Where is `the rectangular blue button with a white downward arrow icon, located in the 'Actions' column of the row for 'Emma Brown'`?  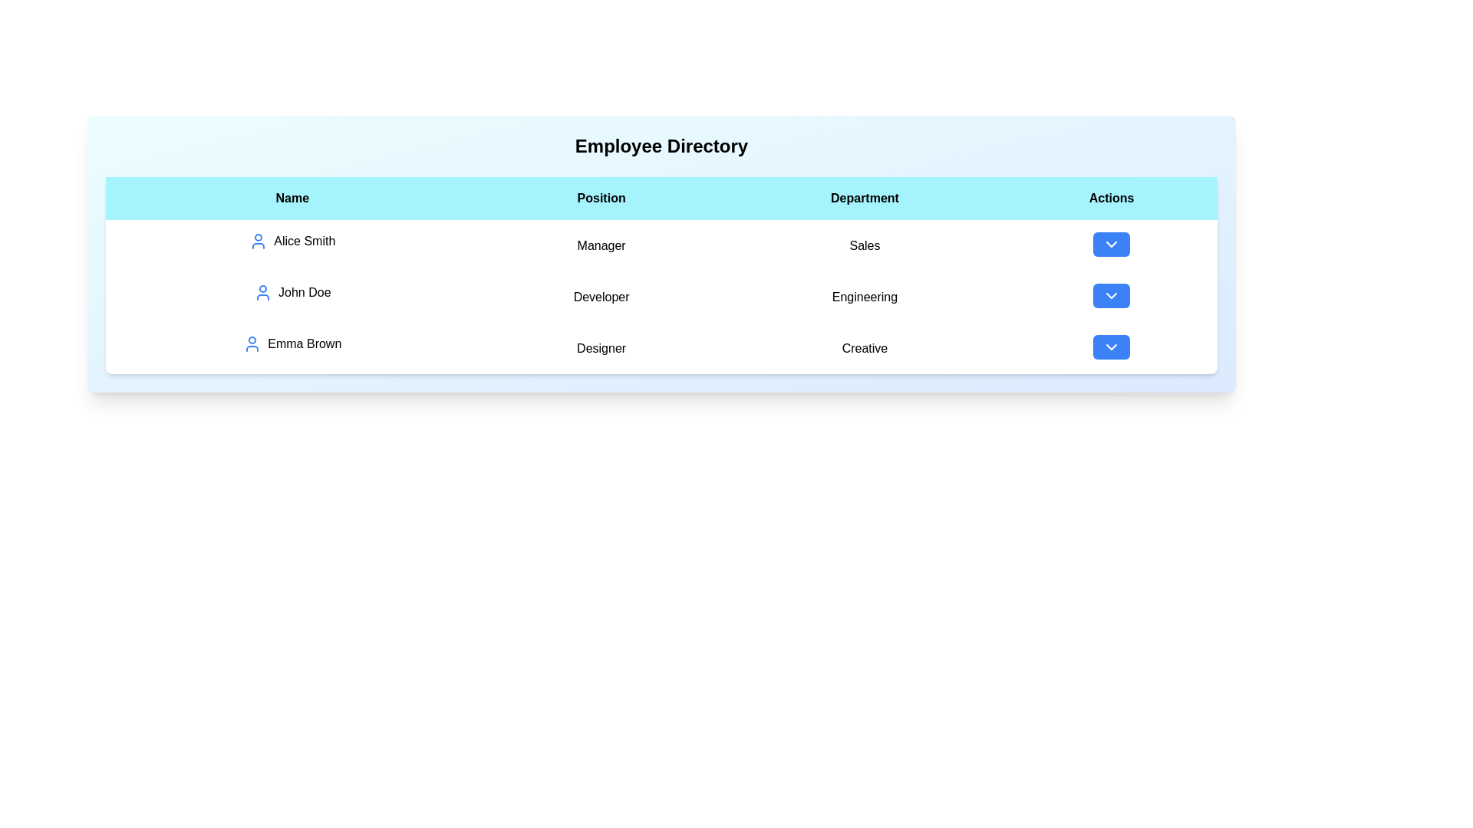
the rectangular blue button with a white downward arrow icon, located in the 'Actions' column of the row for 'Emma Brown' is located at coordinates (1112, 348).